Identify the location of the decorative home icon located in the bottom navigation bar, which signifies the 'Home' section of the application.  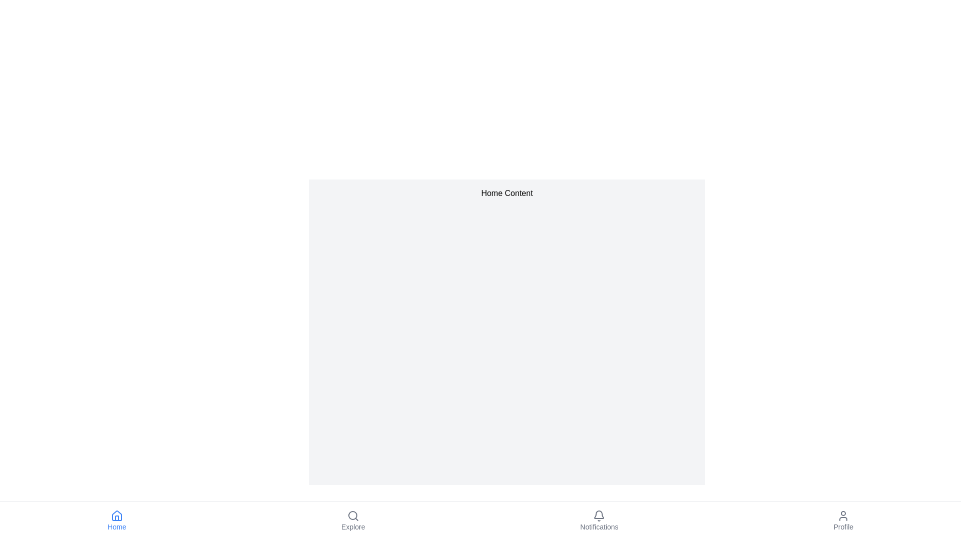
(117, 517).